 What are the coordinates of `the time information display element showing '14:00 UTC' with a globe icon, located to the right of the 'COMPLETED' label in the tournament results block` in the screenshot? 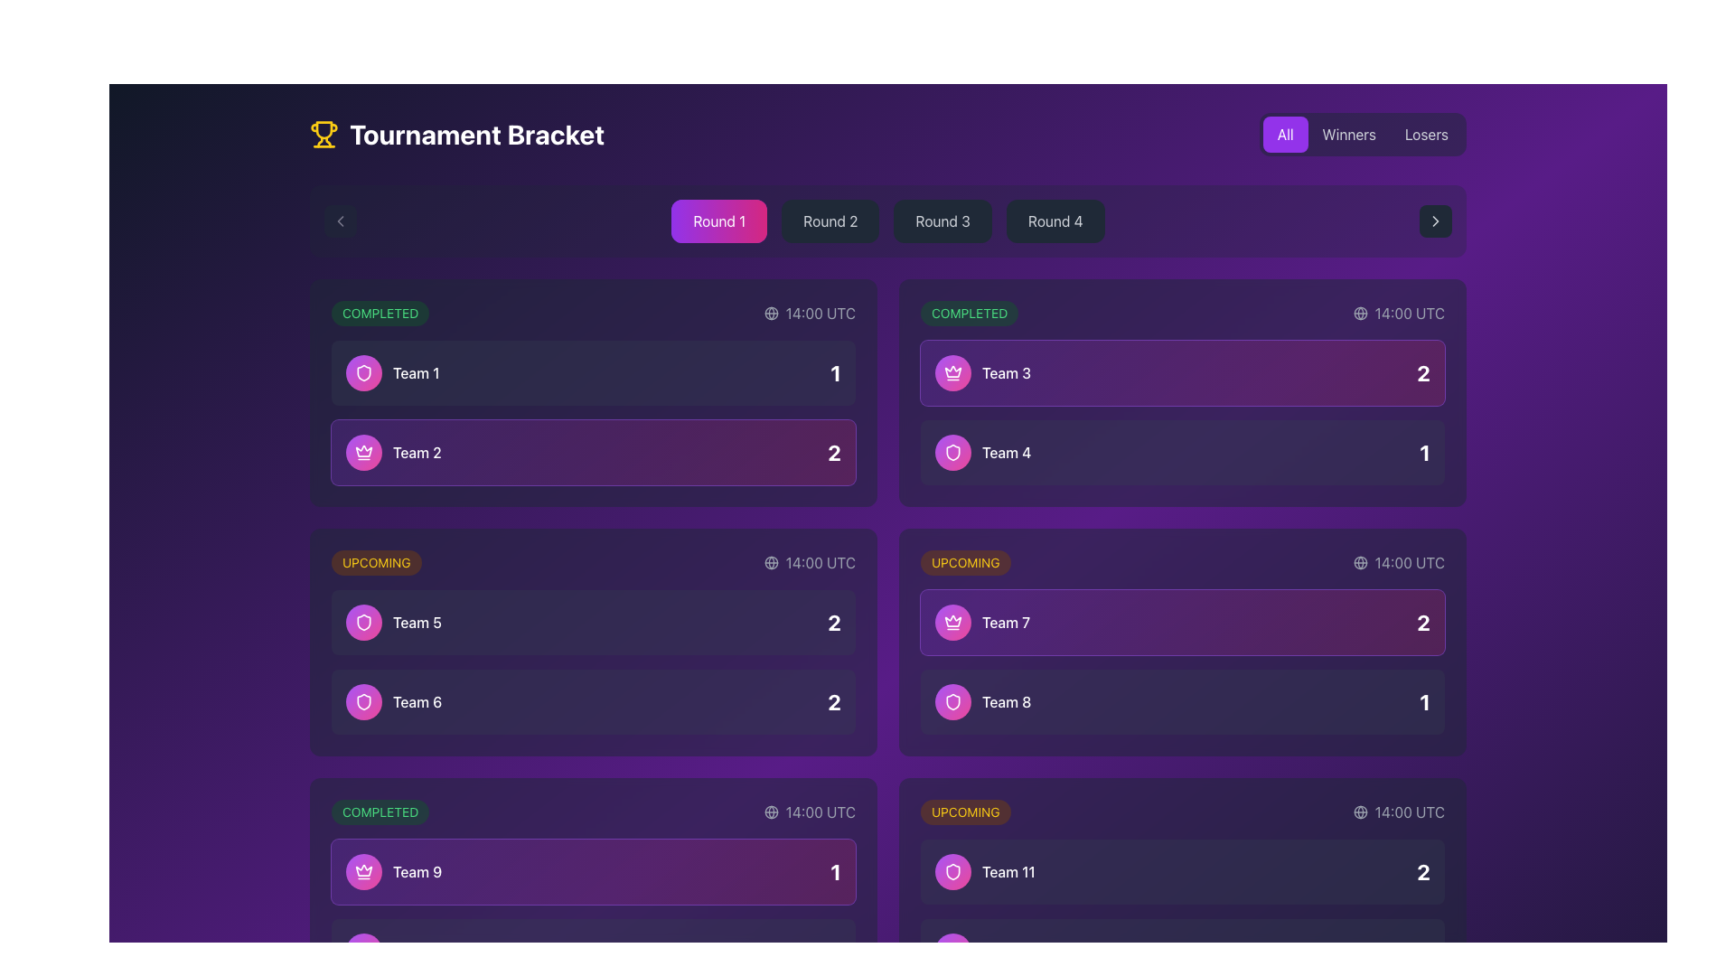 It's located at (809, 313).